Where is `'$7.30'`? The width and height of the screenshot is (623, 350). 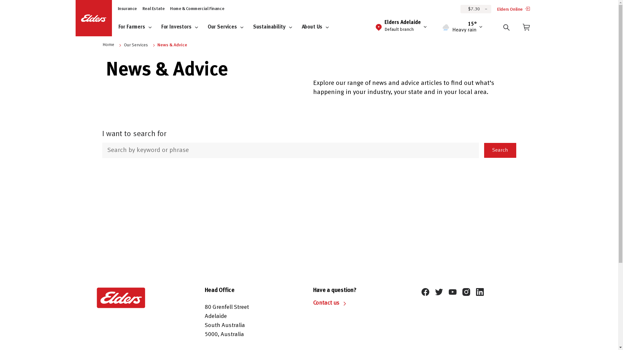 '$7.30' is located at coordinates (459, 9).